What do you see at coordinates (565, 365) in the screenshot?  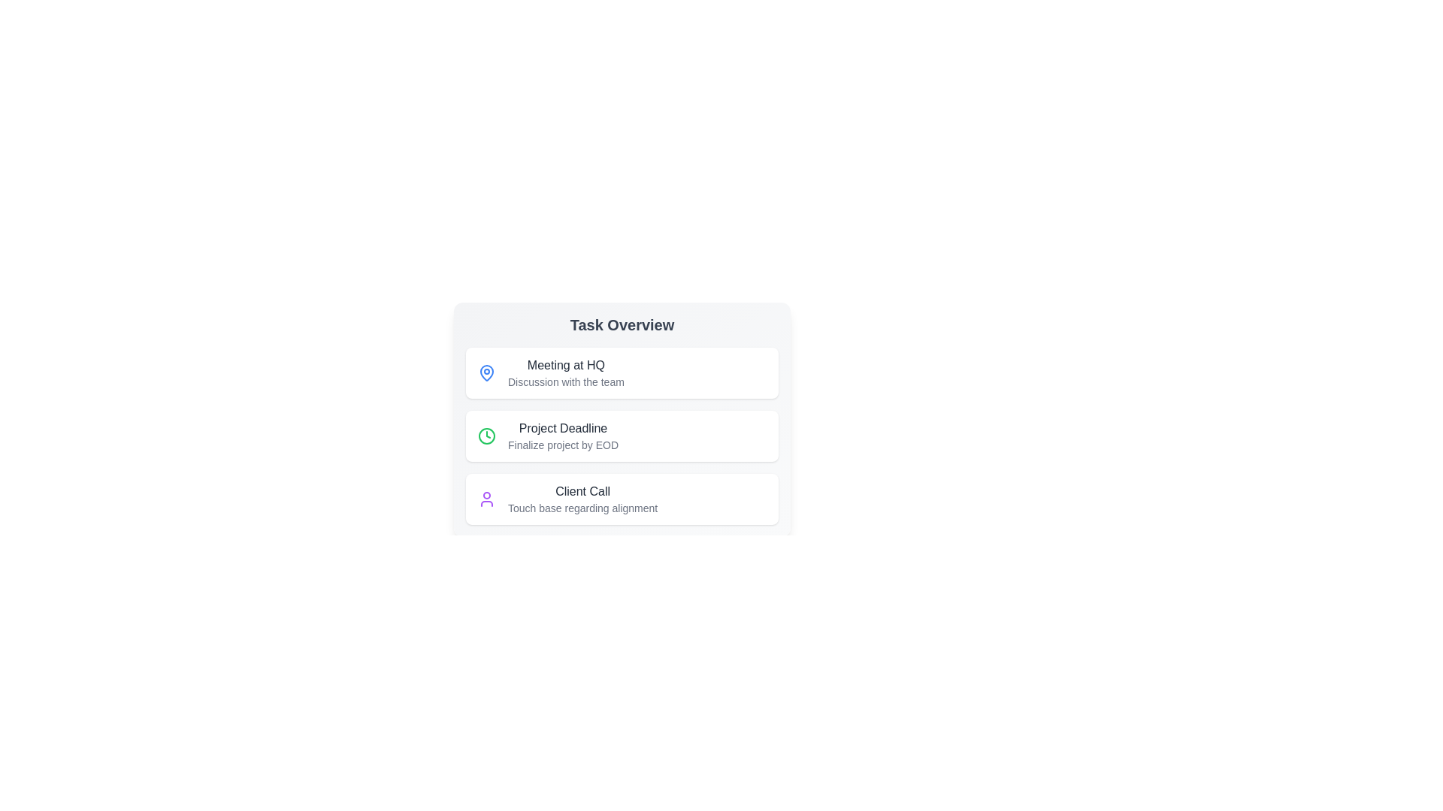 I see `the title of the task 'Meeting at HQ' to edit or expand it` at bounding box center [565, 365].